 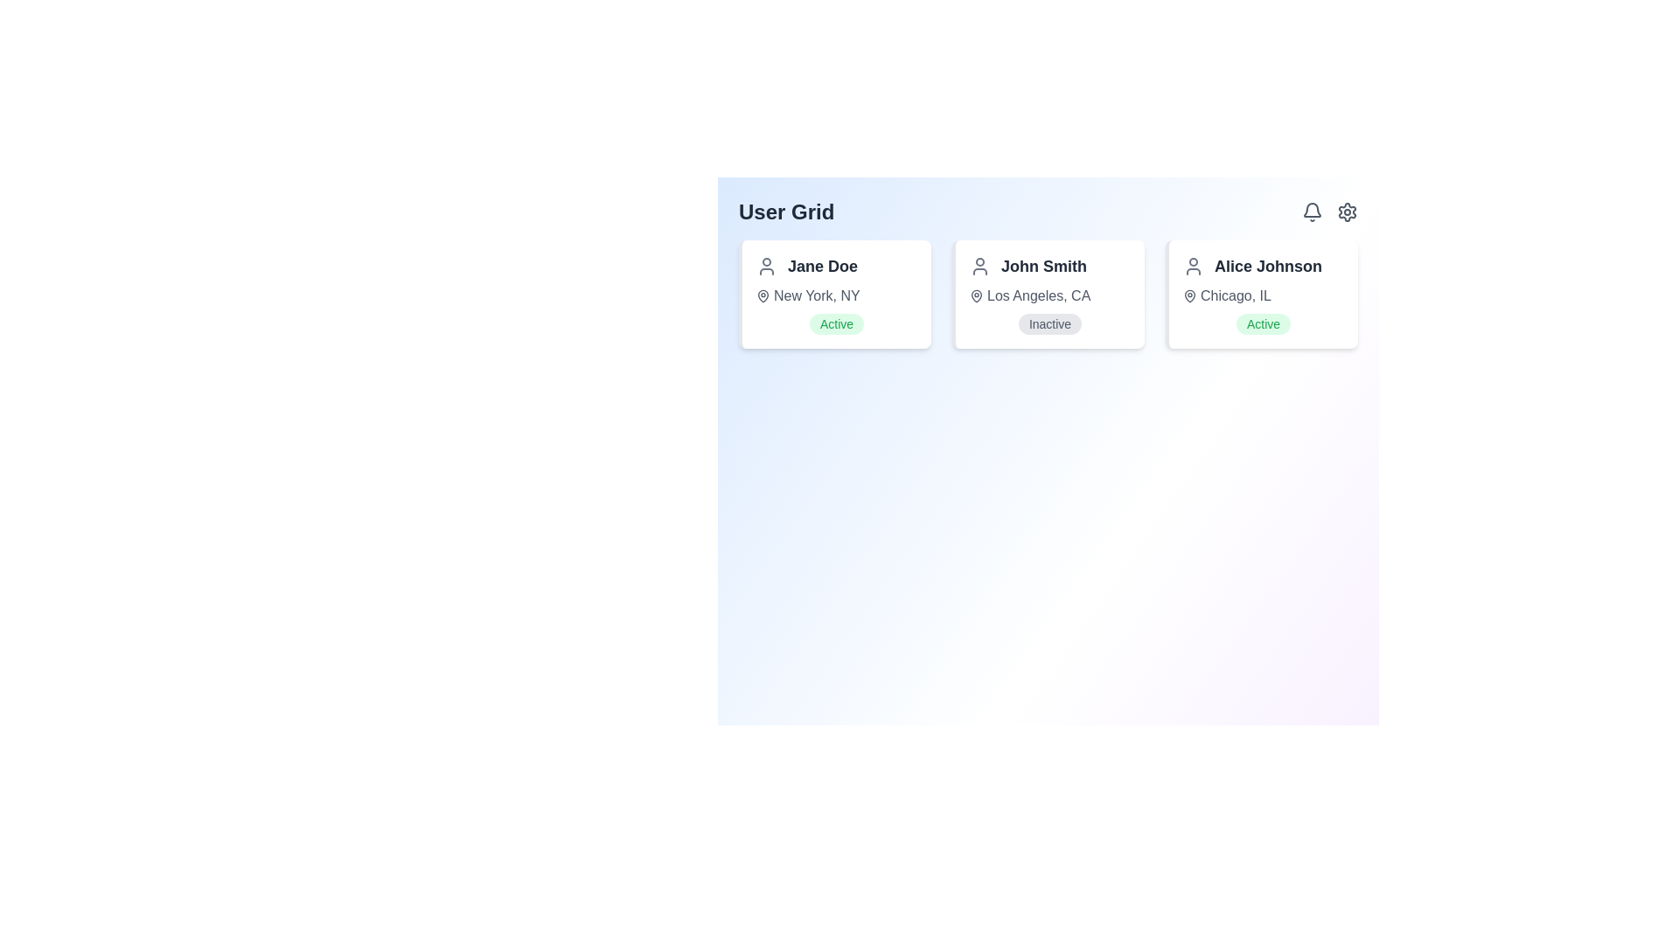 What do you see at coordinates (1189, 295) in the screenshot?
I see `the map pin icon, which is a minimalist, line-based design located to the left of the text 'Chicago, IL' in the card for 'Alice Johnson'` at bounding box center [1189, 295].